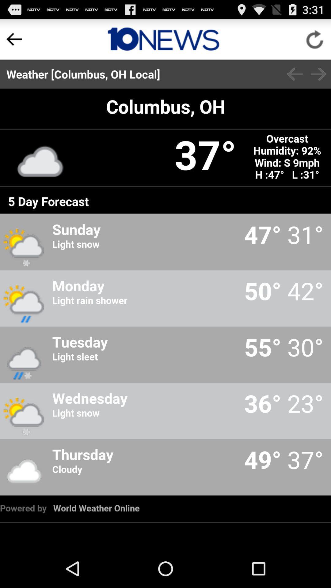  I want to click on to go forward page, so click(318, 74).